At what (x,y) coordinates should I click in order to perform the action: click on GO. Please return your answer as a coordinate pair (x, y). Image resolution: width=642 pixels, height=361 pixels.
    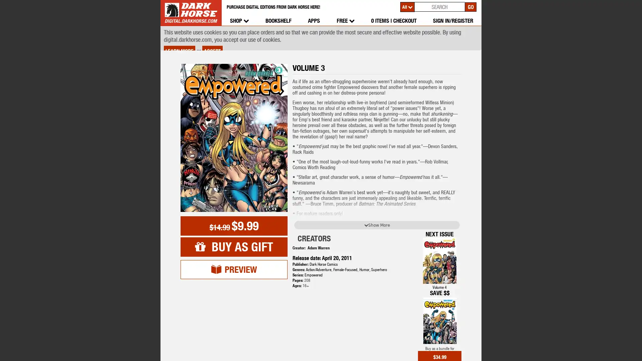
    Looking at the image, I should click on (470, 6).